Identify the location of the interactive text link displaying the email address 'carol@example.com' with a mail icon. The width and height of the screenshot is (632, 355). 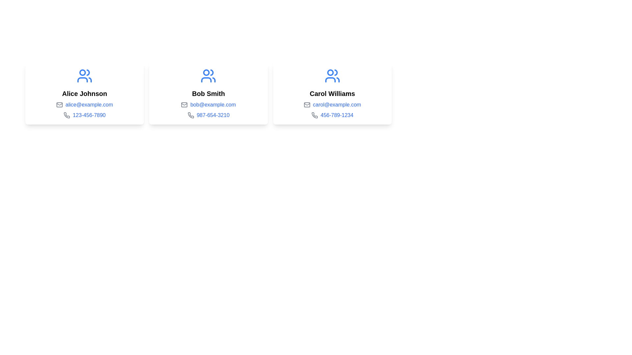
(332, 105).